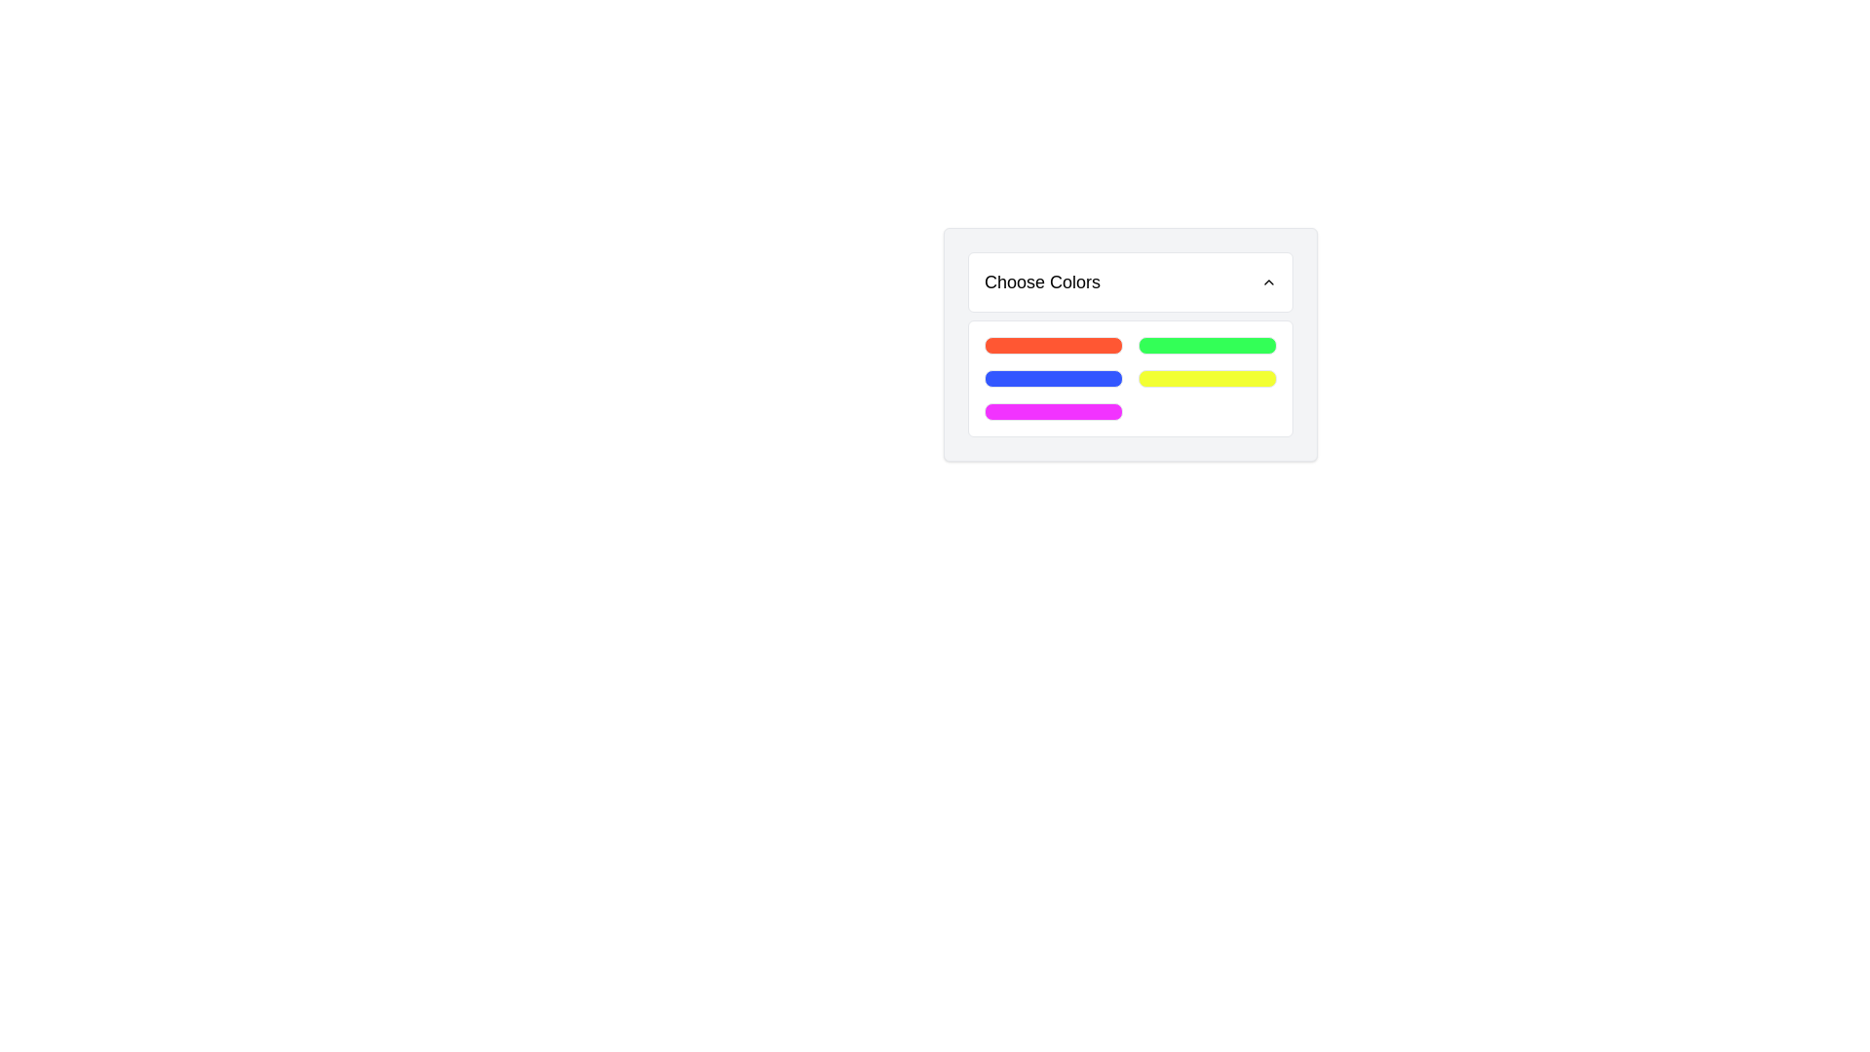 The width and height of the screenshot is (1870, 1052). What do you see at coordinates (1206, 344) in the screenshot?
I see `the clickable area that is the second item in the first row of a grid layout, located directly to the right of the red-colored element` at bounding box center [1206, 344].